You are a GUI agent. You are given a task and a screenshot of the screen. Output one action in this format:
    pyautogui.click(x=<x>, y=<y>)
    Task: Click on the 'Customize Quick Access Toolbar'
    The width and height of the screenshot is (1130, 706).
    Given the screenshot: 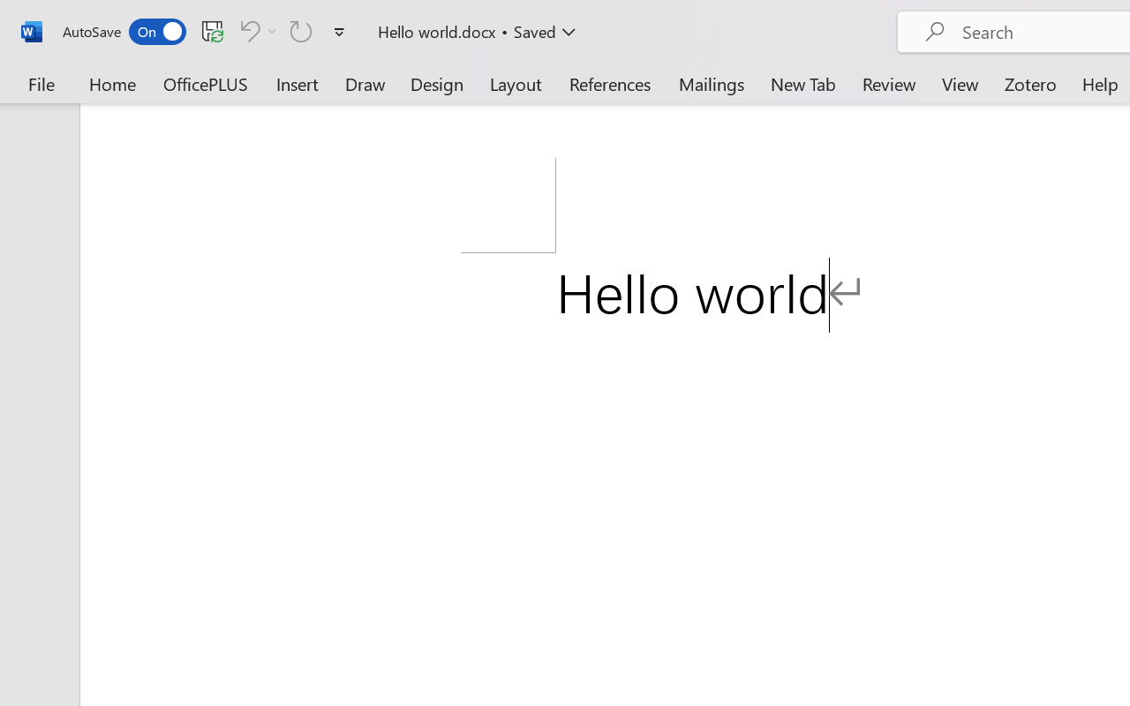 What is the action you would take?
    pyautogui.click(x=339, y=31)
    